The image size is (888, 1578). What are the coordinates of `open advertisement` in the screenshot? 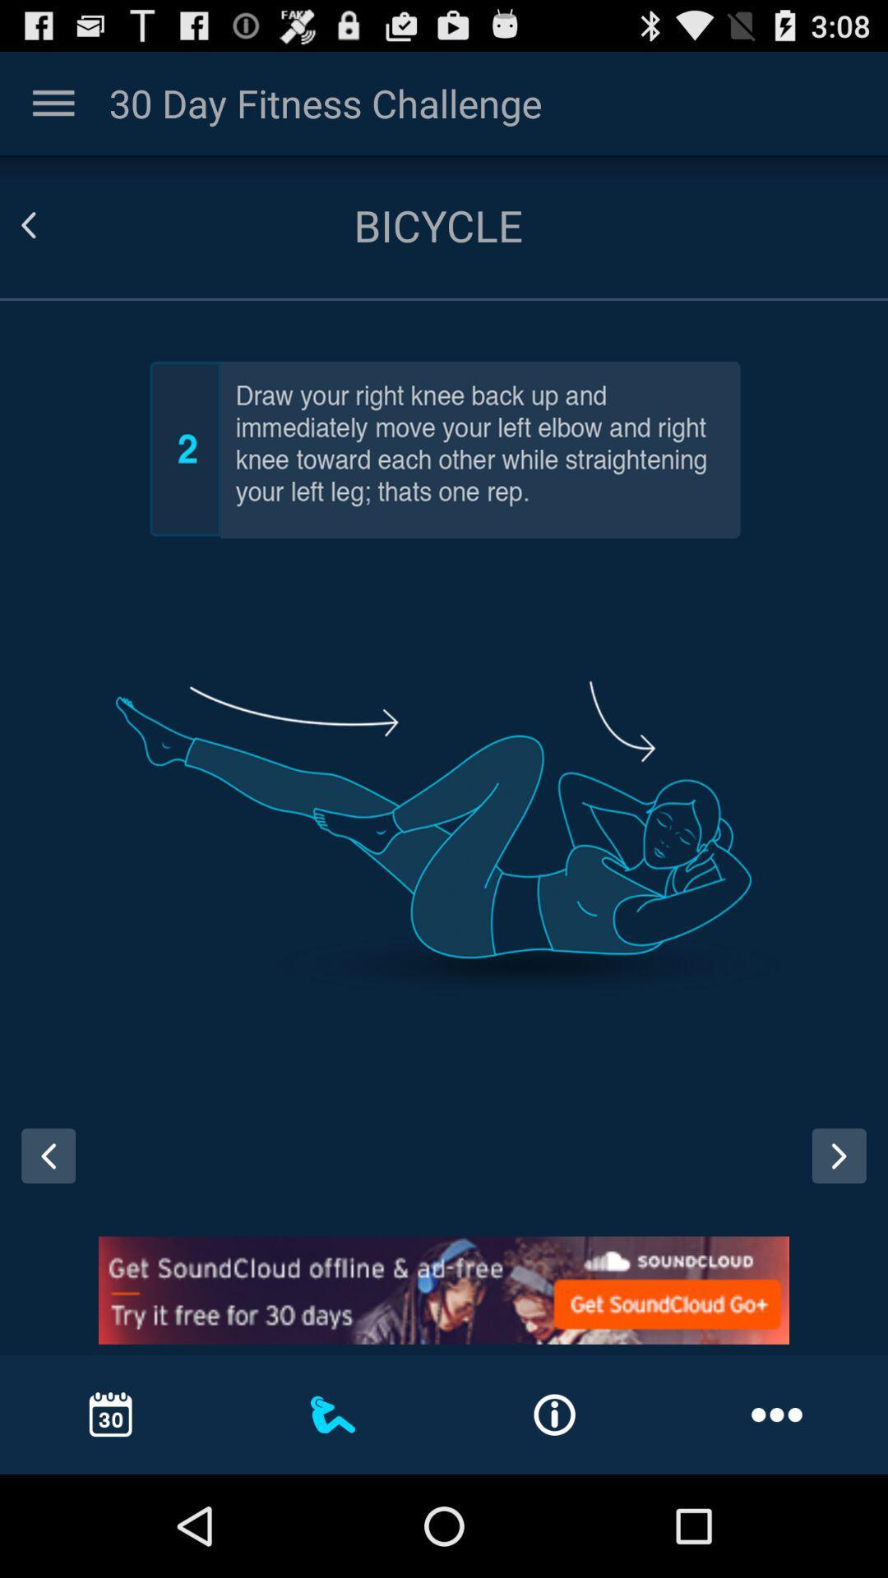 It's located at (444, 1290).